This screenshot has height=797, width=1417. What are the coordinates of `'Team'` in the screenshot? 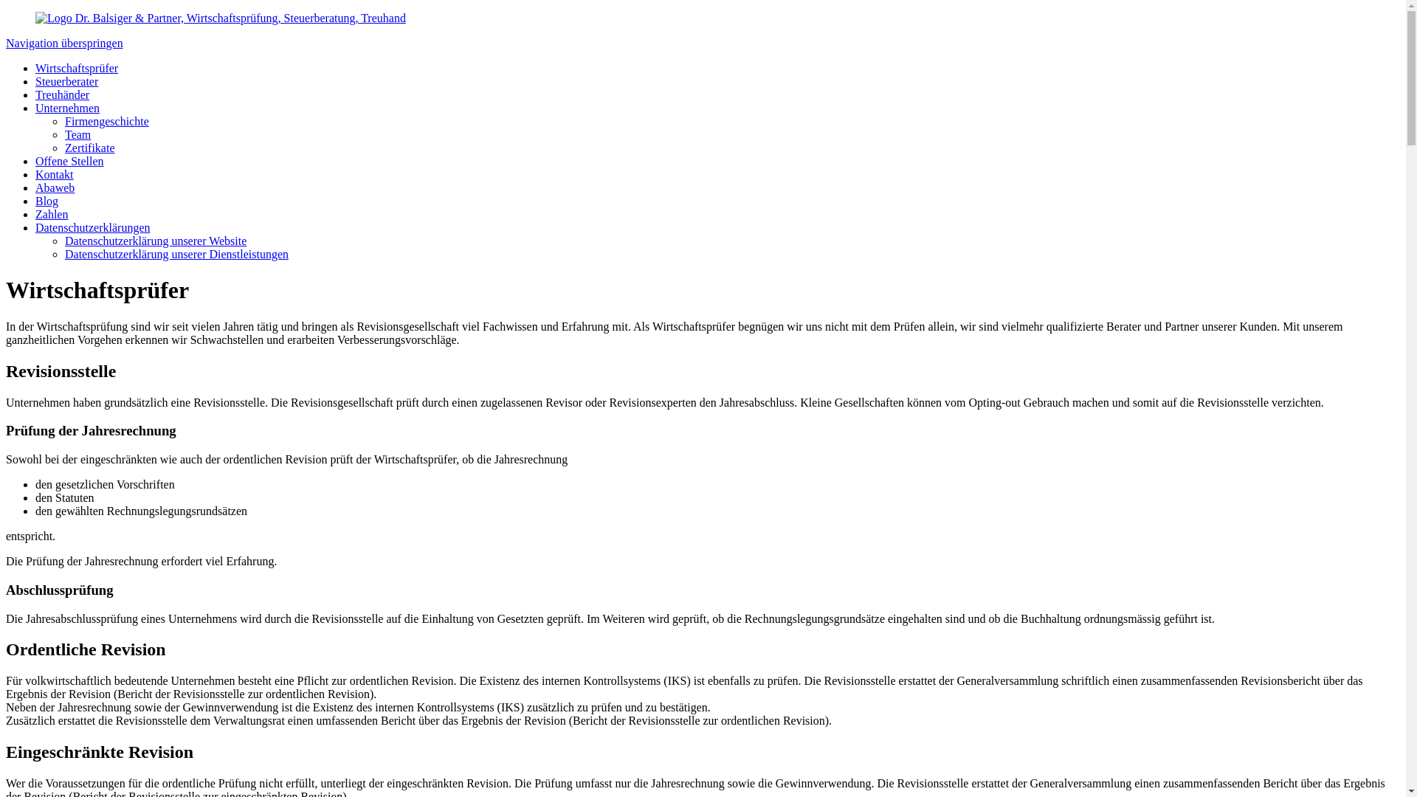 It's located at (77, 134).